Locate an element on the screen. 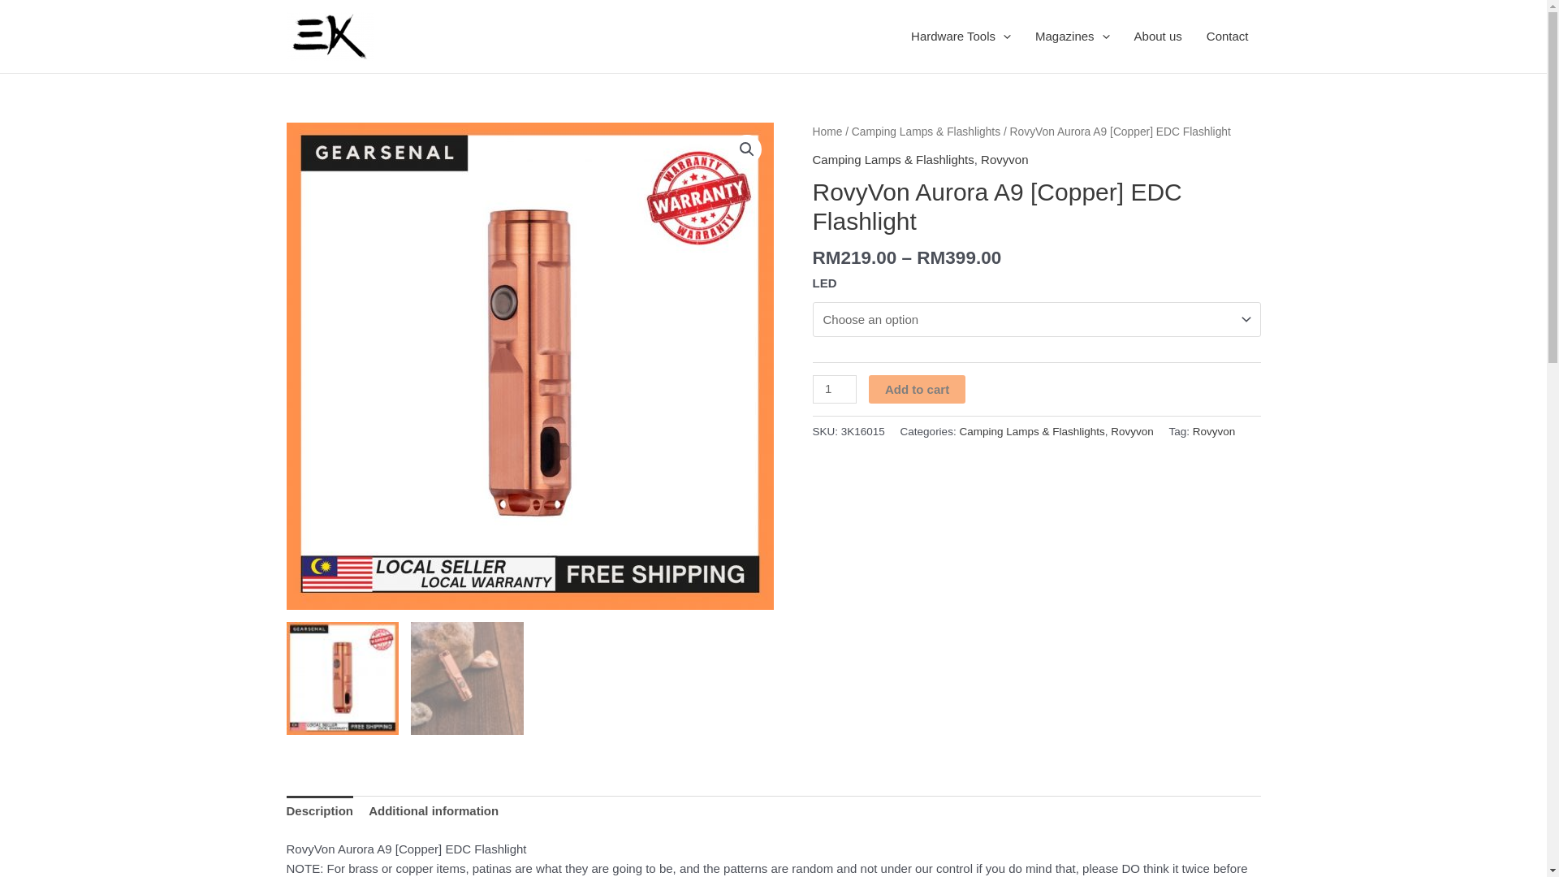 The width and height of the screenshot is (1559, 877). 'Rovyvon' is located at coordinates (1214, 430).